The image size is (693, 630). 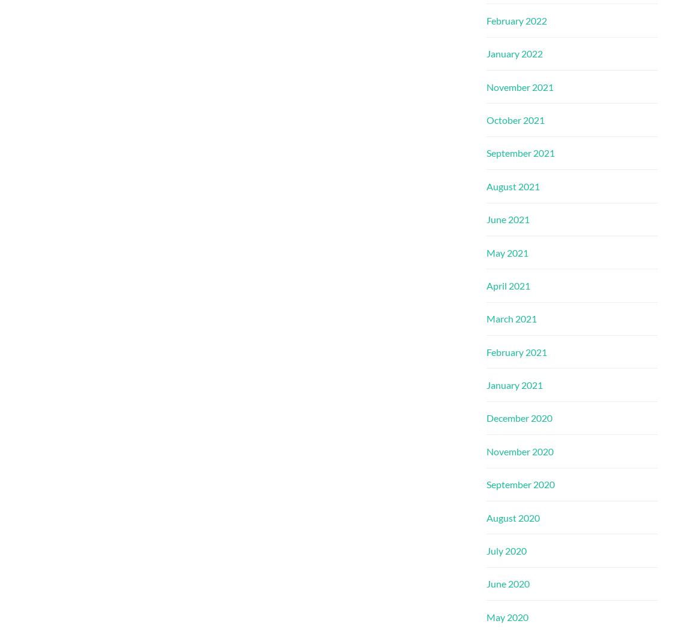 What do you see at coordinates (512, 185) in the screenshot?
I see `'August 2021'` at bounding box center [512, 185].